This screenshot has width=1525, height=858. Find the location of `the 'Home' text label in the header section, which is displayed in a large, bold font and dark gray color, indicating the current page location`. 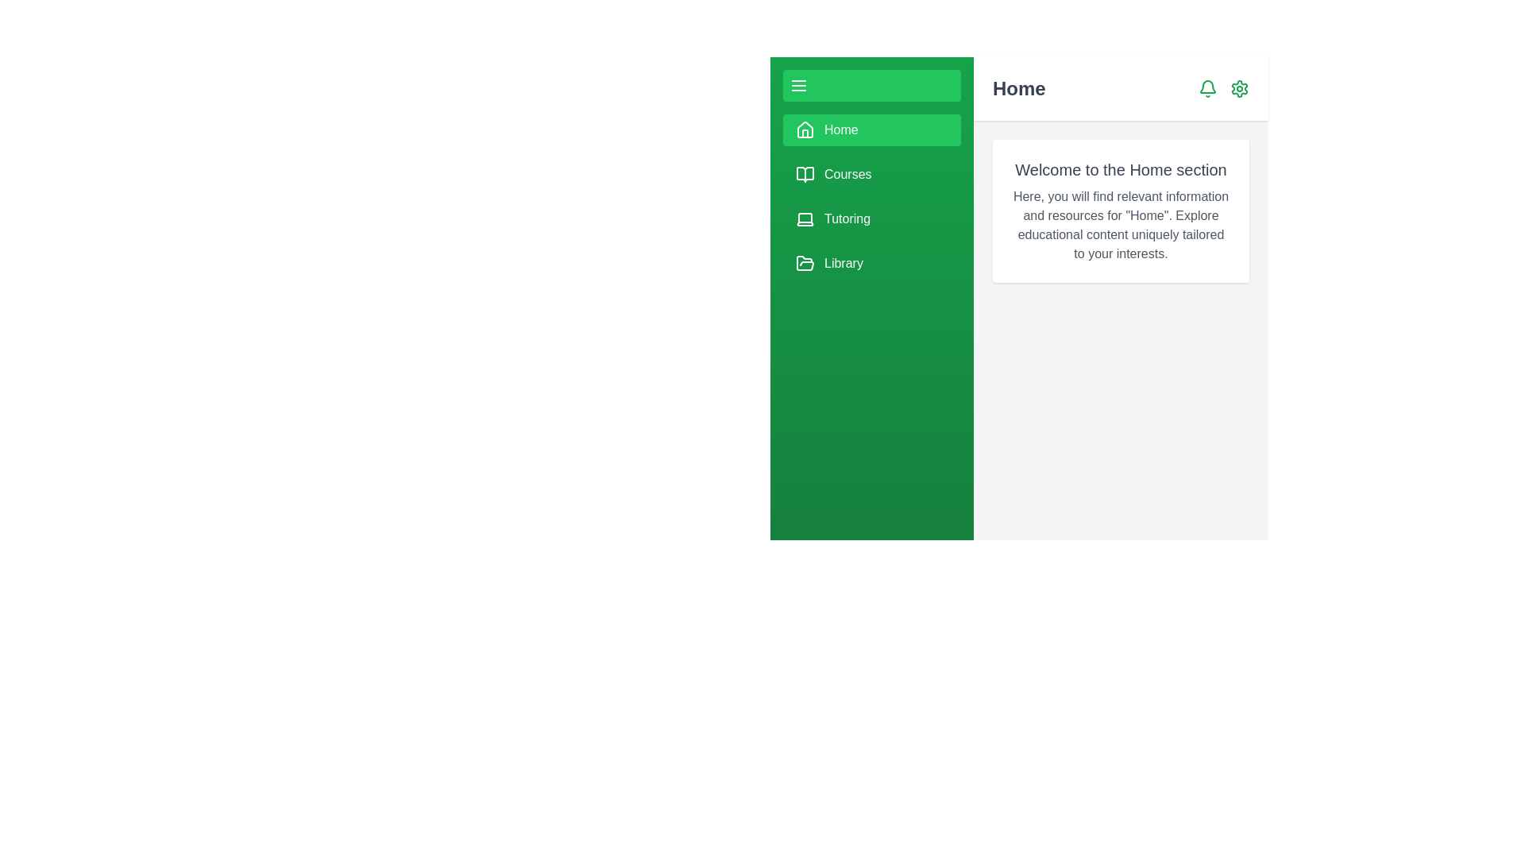

the 'Home' text label in the header section, which is displayed in a large, bold font and dark gray color, indicating the current page location is located at coordinates (1019, 88).